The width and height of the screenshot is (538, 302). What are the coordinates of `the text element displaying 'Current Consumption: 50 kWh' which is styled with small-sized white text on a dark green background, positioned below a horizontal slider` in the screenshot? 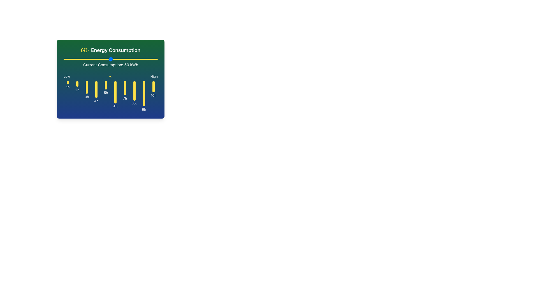 It's located at (110, 64).